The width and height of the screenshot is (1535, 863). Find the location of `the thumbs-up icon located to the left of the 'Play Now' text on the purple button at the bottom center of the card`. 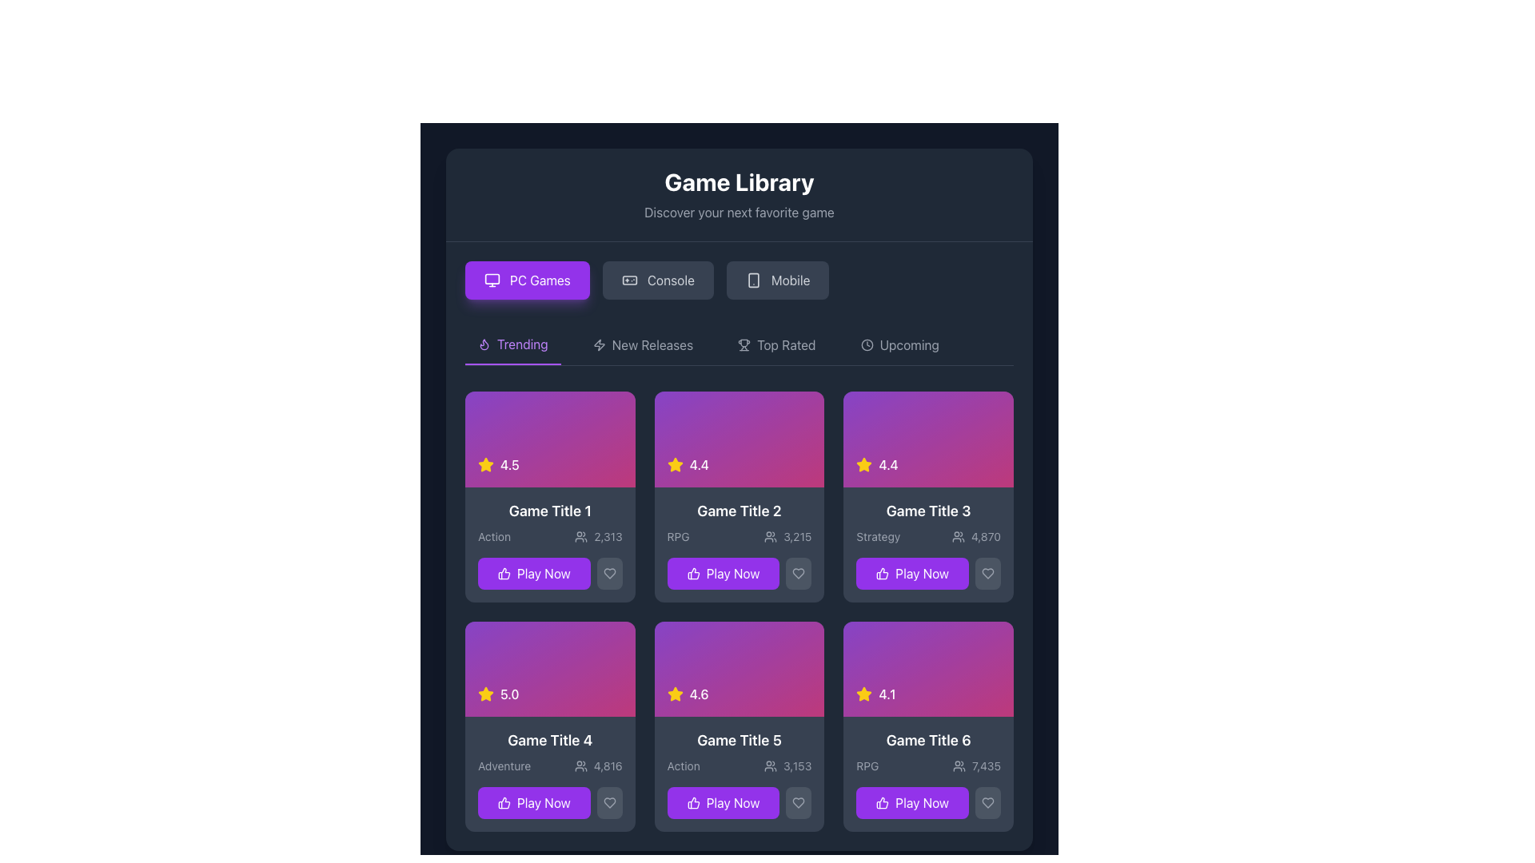

the thumbs-up icon located to the left of the 'Play Now' text on the purple button at the bottom center of the card is located at coordinates (503, 803).